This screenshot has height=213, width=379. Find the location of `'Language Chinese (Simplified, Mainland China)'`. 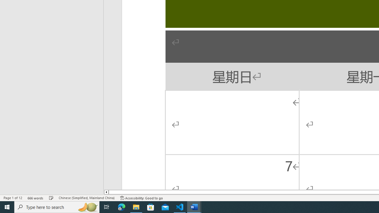

'Language Chinese (Simplified, Mainland China)' is located at coordinates (86, 198).